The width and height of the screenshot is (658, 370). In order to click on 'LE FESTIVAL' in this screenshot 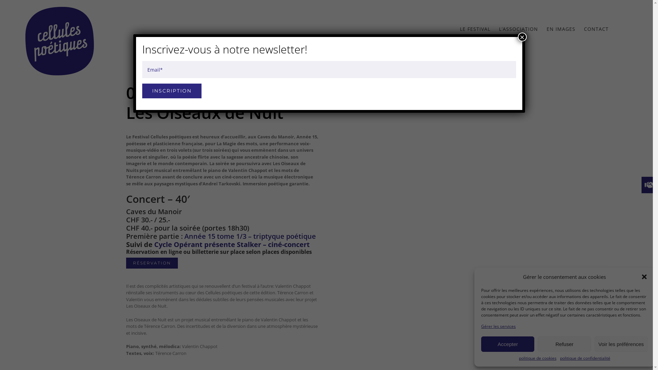, I will do `click(460, 28)`.